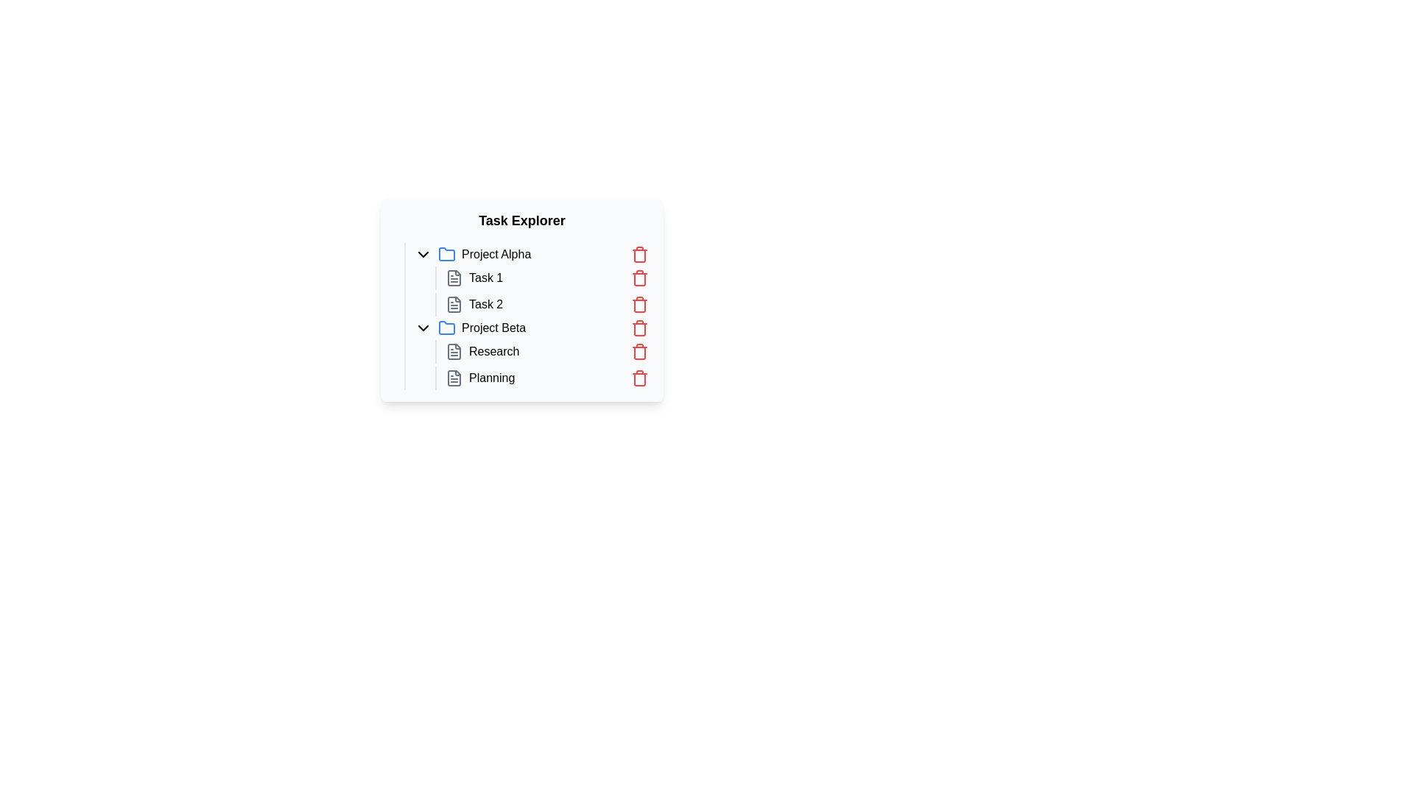 Image resolution: width=1414 pixels, height=795 pixels. What do you see at coordinates (454, 352) in the screenshot?
I see `the 'Research' icon in the Task Explorer, which is positioned to the far left in the 'Research' row under the expanded 'Project Beta' group` at bounding box center [454, 352].